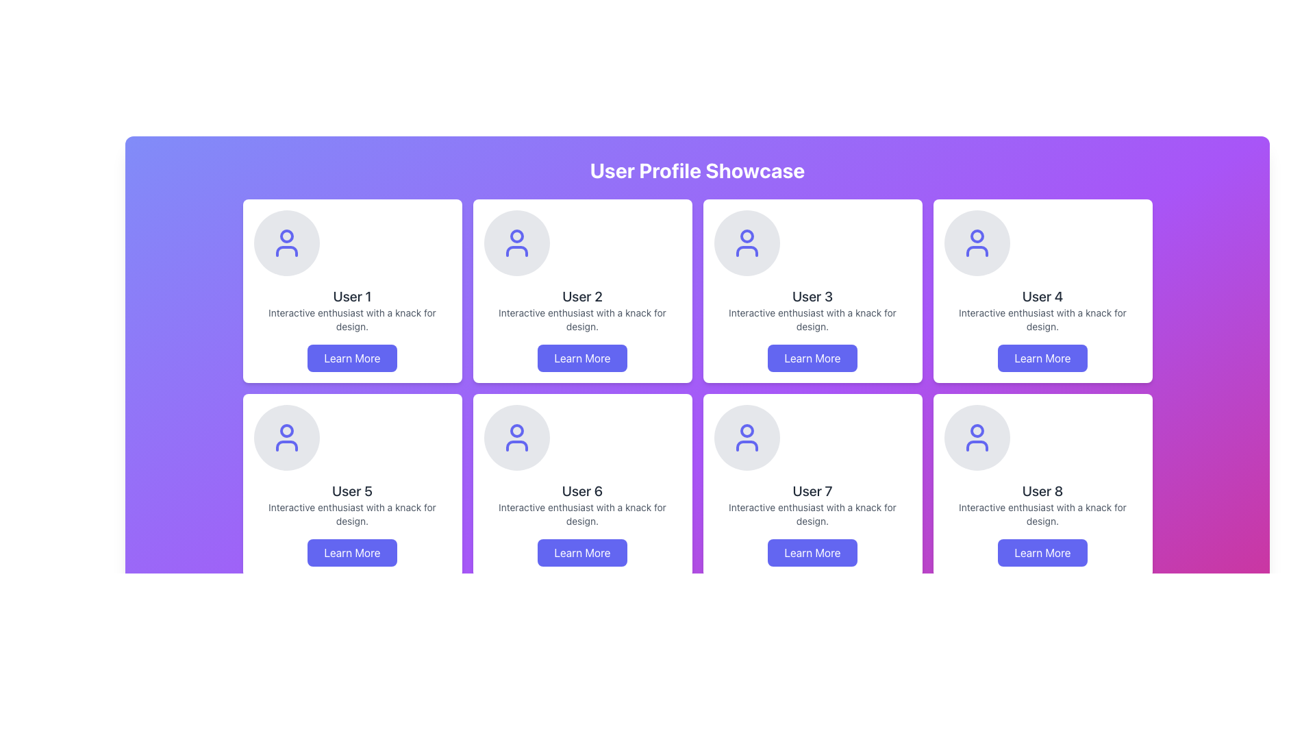  I want to click on the user profile icon, which is a simplified human figure with a circular head and curved shoulders, located at the center of the card labeled 'User 5' in the grid layout, so click(286, 438).